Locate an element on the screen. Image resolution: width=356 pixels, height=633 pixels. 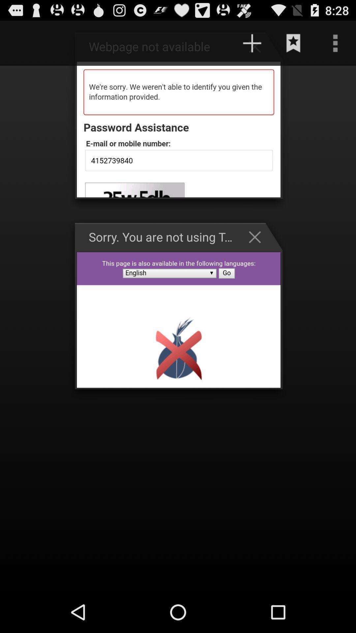
the add icon is located at coordinates (252, 46).